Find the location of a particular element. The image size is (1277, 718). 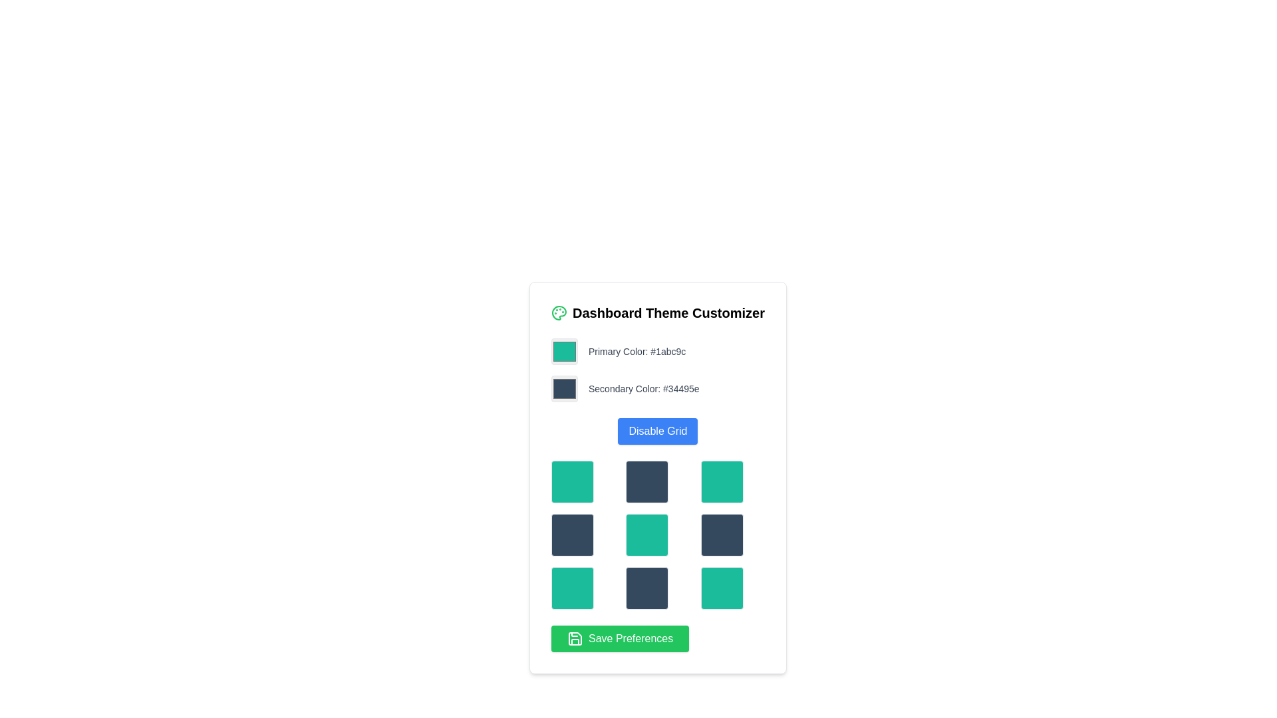

the first box in the first row of the 3x3 grid layout, which serves as a color selector is located at coordinates (572, 482).